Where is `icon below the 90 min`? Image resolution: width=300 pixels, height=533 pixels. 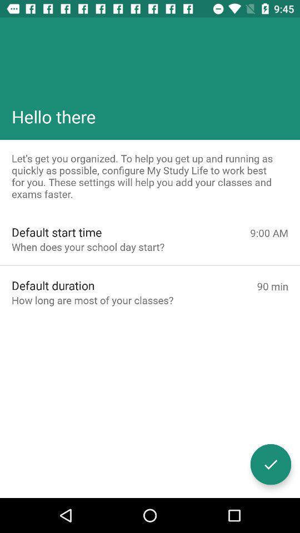 icon below the 90 min is located at coordinates (270, 464).